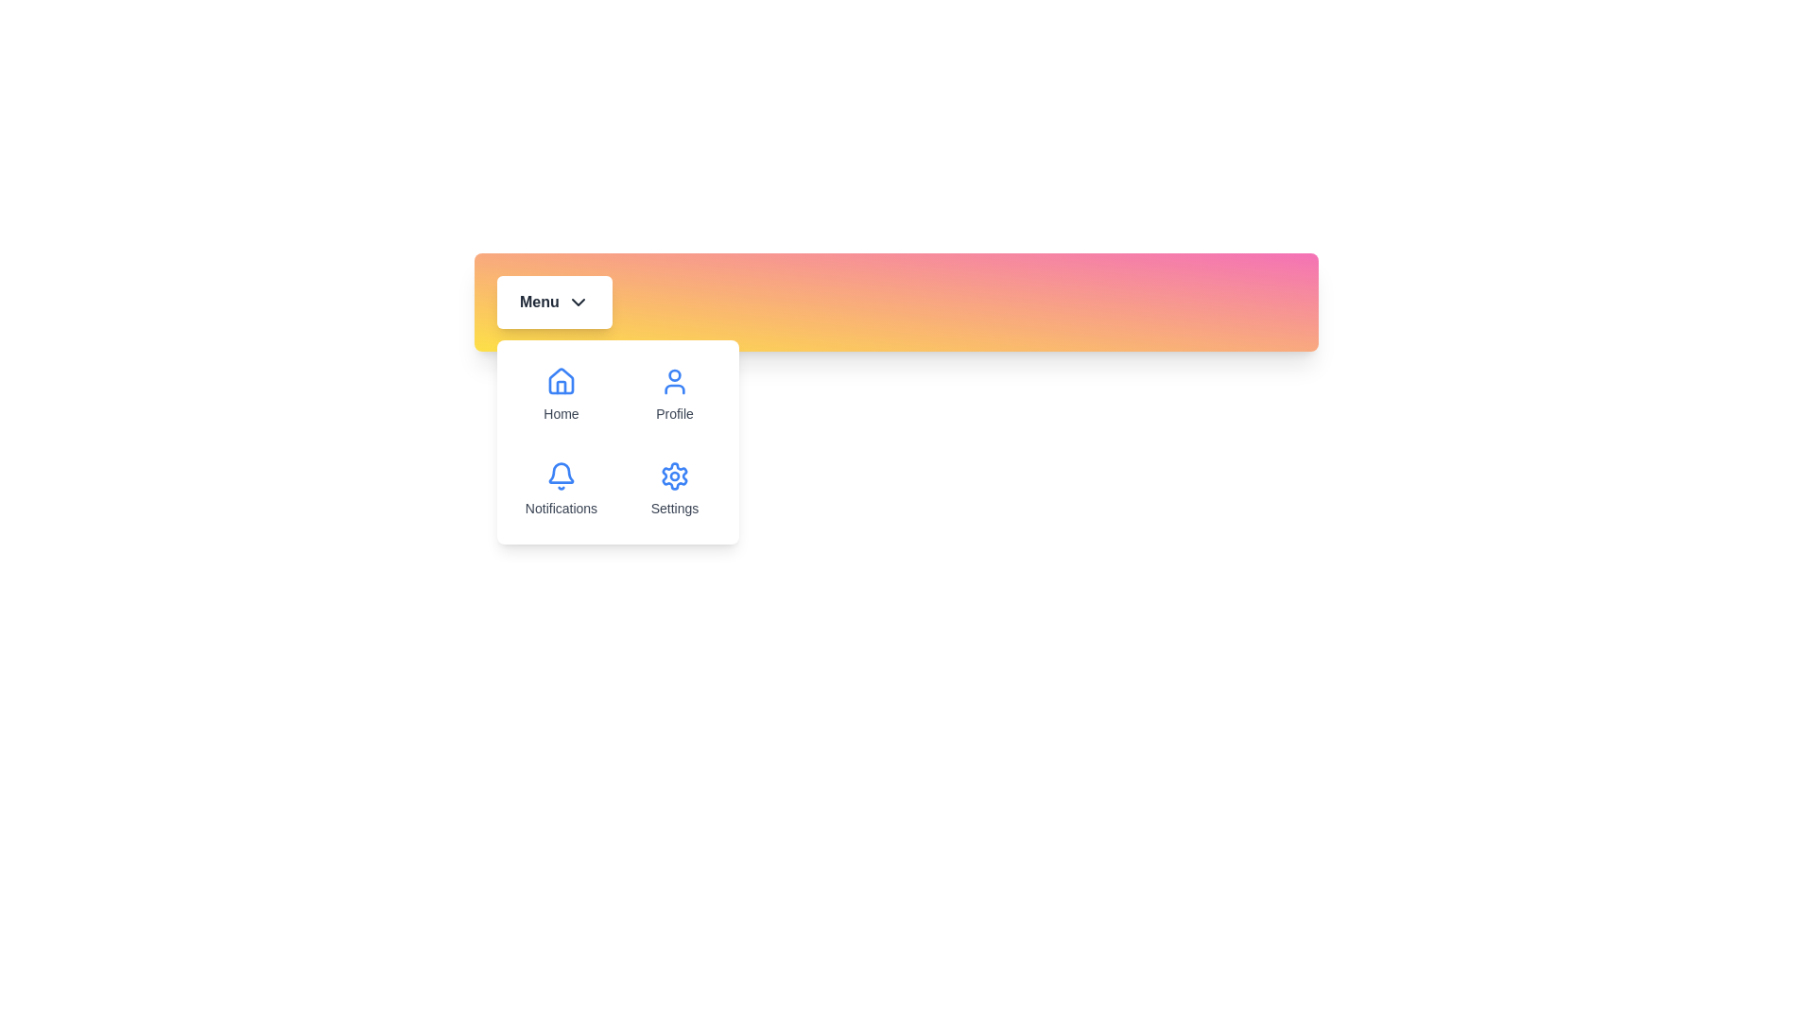 This screenshot has height=1021, width=1815. Describe the element at coordinates (553, 302) in the screenshot. I see `the menu toggle button to toggle its visibility` at that location.